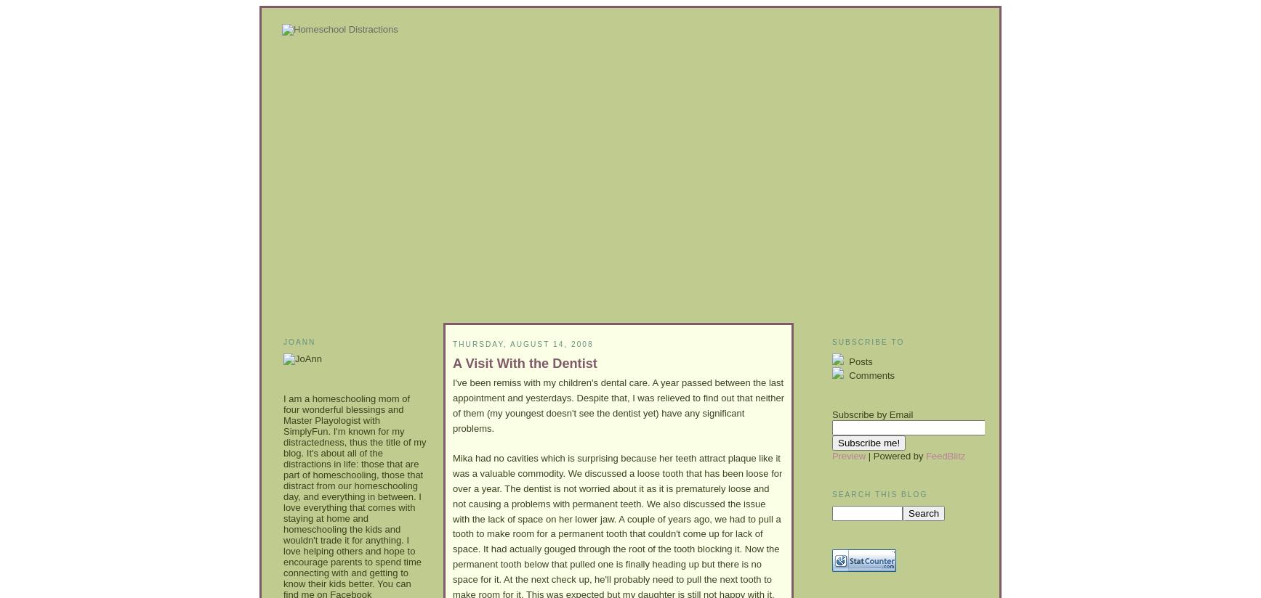  I want to click on 'Subscribe To', so click(867, 342).